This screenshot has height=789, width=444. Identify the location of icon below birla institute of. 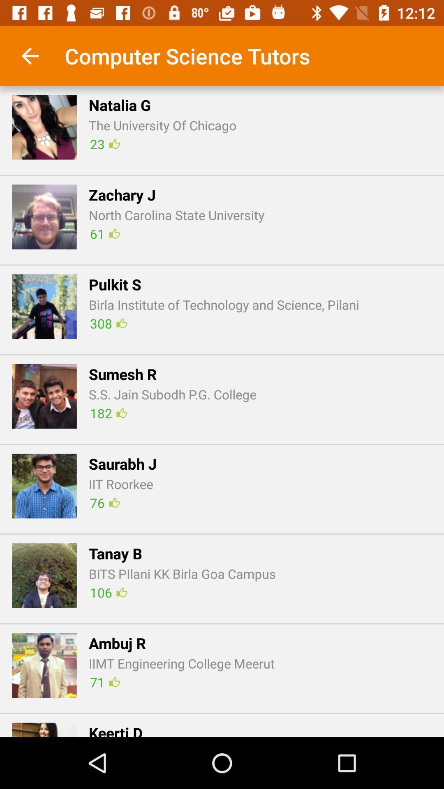
(108, 323).